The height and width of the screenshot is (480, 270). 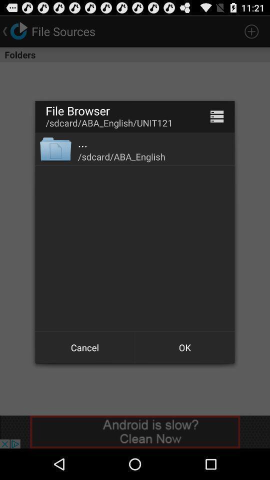 What do you see at coordinates (55, 148) in the screenshot?
I see `icon below the /sdcard/aba_english/unit121` at bounding box center [55, 148].